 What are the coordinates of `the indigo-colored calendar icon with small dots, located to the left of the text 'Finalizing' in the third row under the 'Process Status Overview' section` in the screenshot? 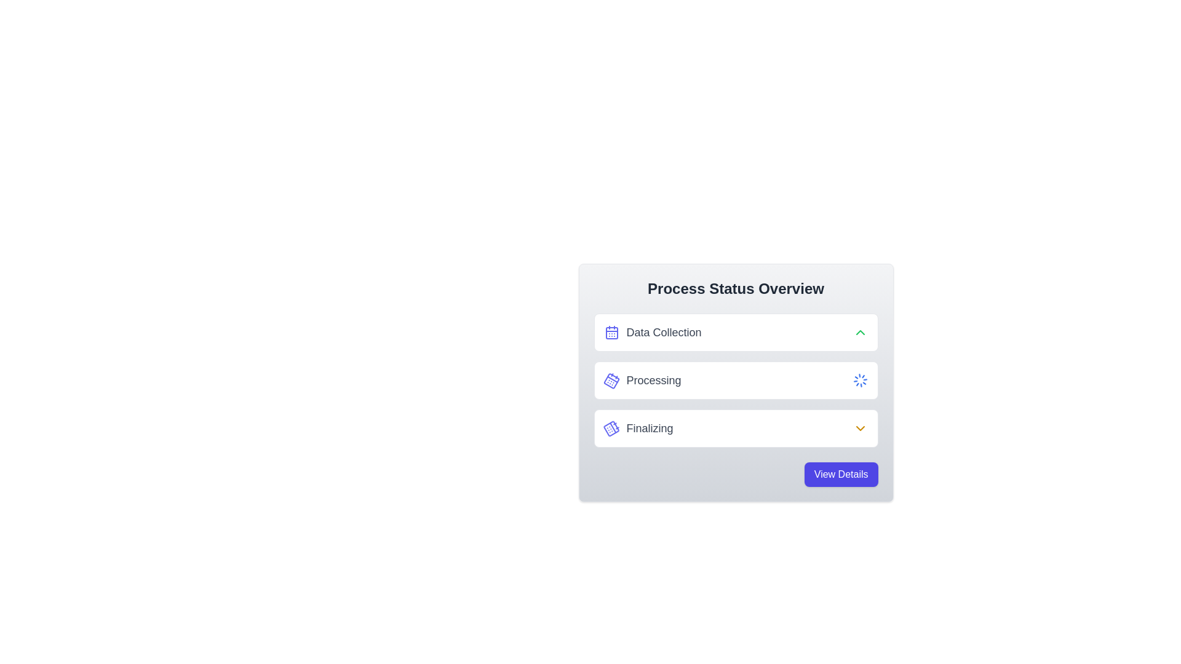 It's located at (611, 428).